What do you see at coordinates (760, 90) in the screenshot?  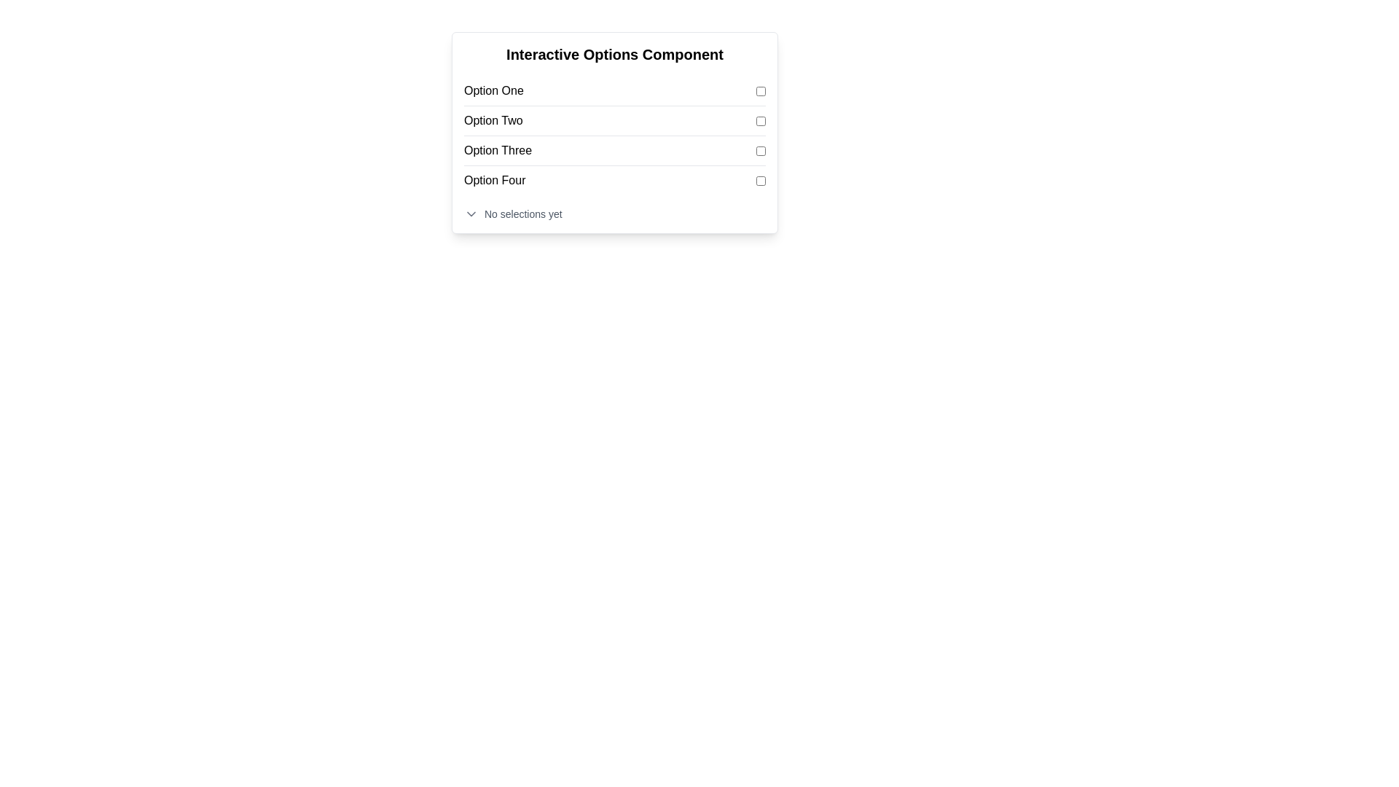 I see `the checkbox located to the far-right of the text 'Option One' in the vertical list` at bounding box center [760, 90].